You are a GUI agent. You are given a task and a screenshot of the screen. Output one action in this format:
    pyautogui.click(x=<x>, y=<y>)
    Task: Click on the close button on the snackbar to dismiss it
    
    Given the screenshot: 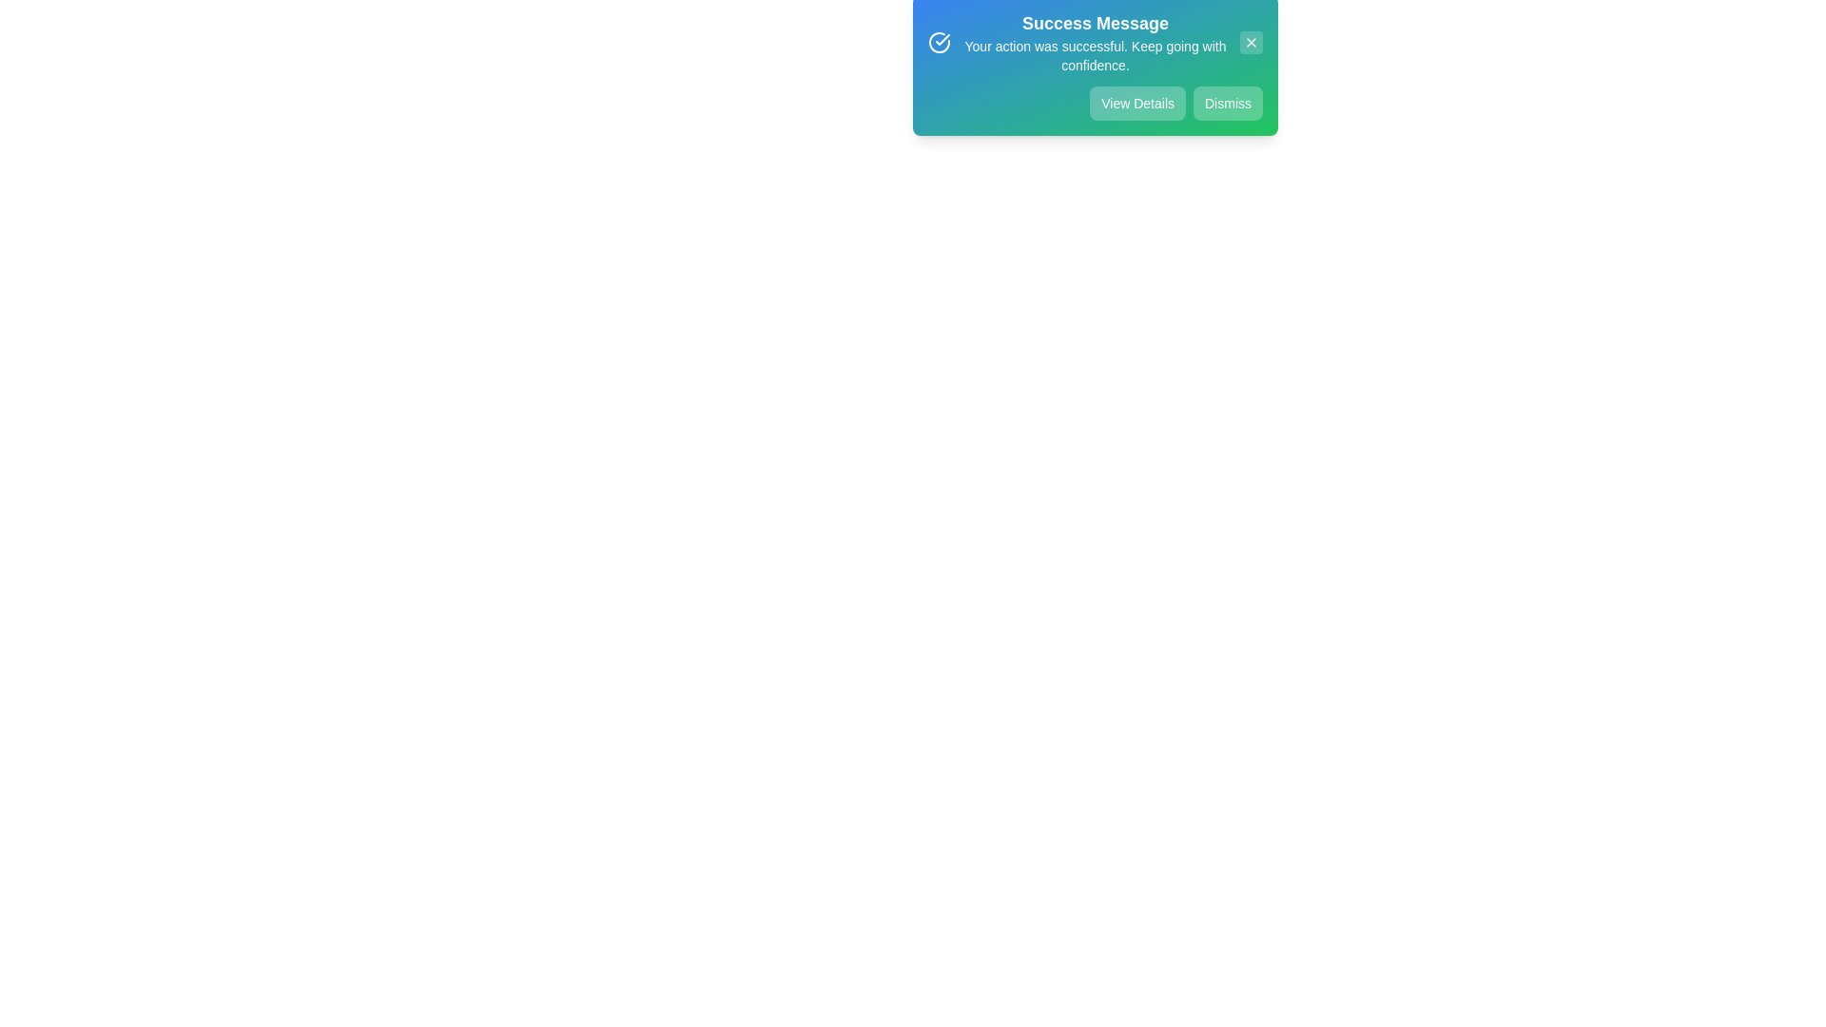 What is the action you would take?
    pyautogui.click(x=1251, y=53)
    